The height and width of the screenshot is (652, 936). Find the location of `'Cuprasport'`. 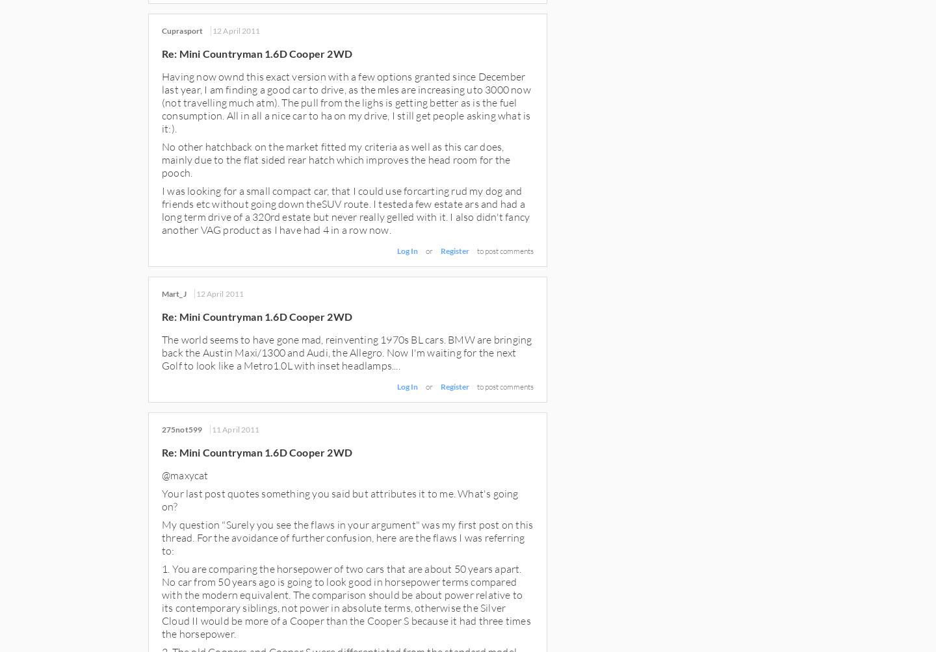

'Cuprasport' is located at coordinates (181, 31).